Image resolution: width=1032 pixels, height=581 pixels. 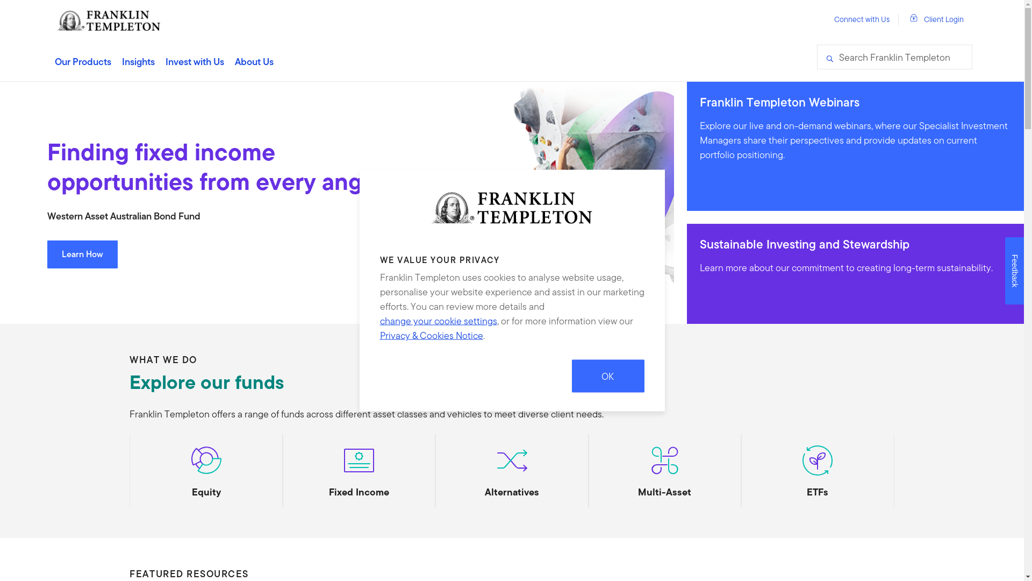 What do you see at coordinates (254, 61) in the screenshot?
I see `'About Us'` at bounding box center [254, 61].